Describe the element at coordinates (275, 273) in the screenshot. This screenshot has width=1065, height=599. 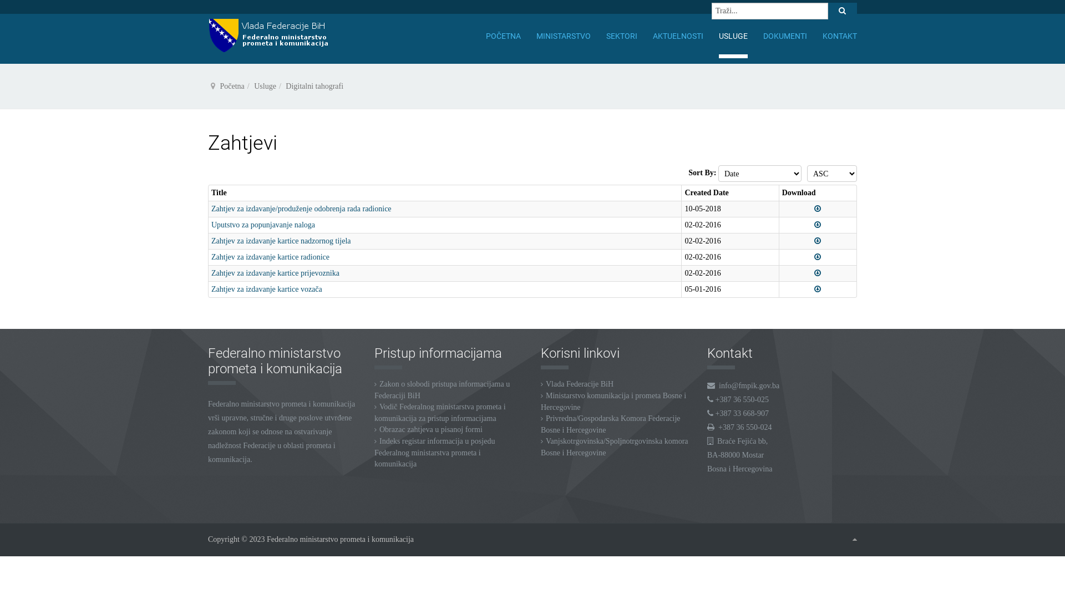
I see `'Zahtjev za izdavanje kartice prijevoznika'` at that location.